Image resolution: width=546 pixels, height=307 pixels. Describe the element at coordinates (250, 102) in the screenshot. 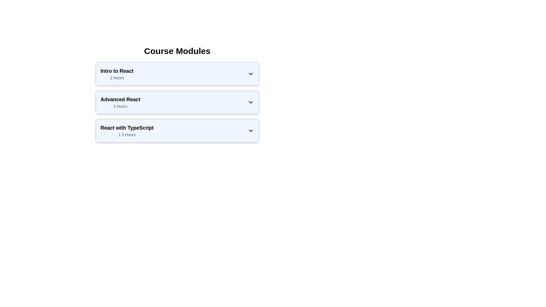

I see `the downward arrow icon styled as a chevron, located at the far right of the 'Advanced React' and '3 Hours' text` at that location.